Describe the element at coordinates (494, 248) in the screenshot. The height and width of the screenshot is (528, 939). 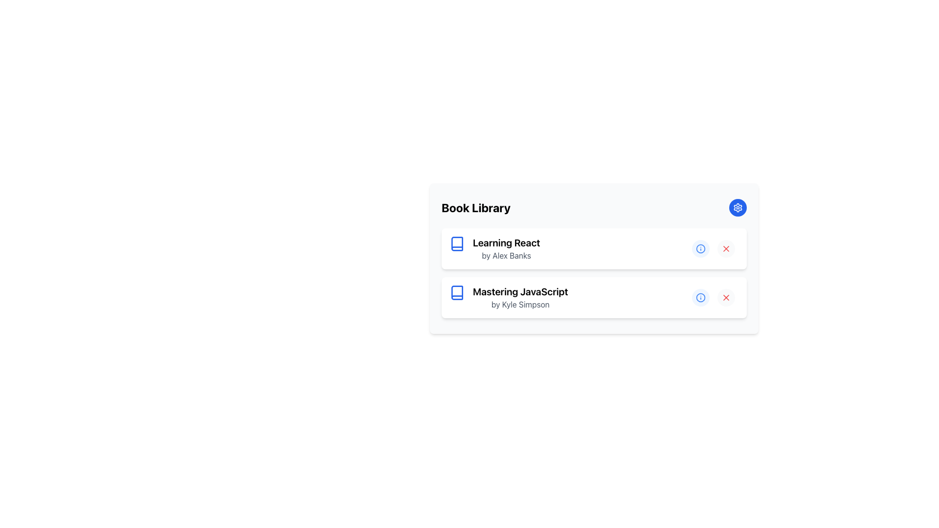
I see `the 'Learning React' list item, which features a blue book icon and a bold title` at that location.